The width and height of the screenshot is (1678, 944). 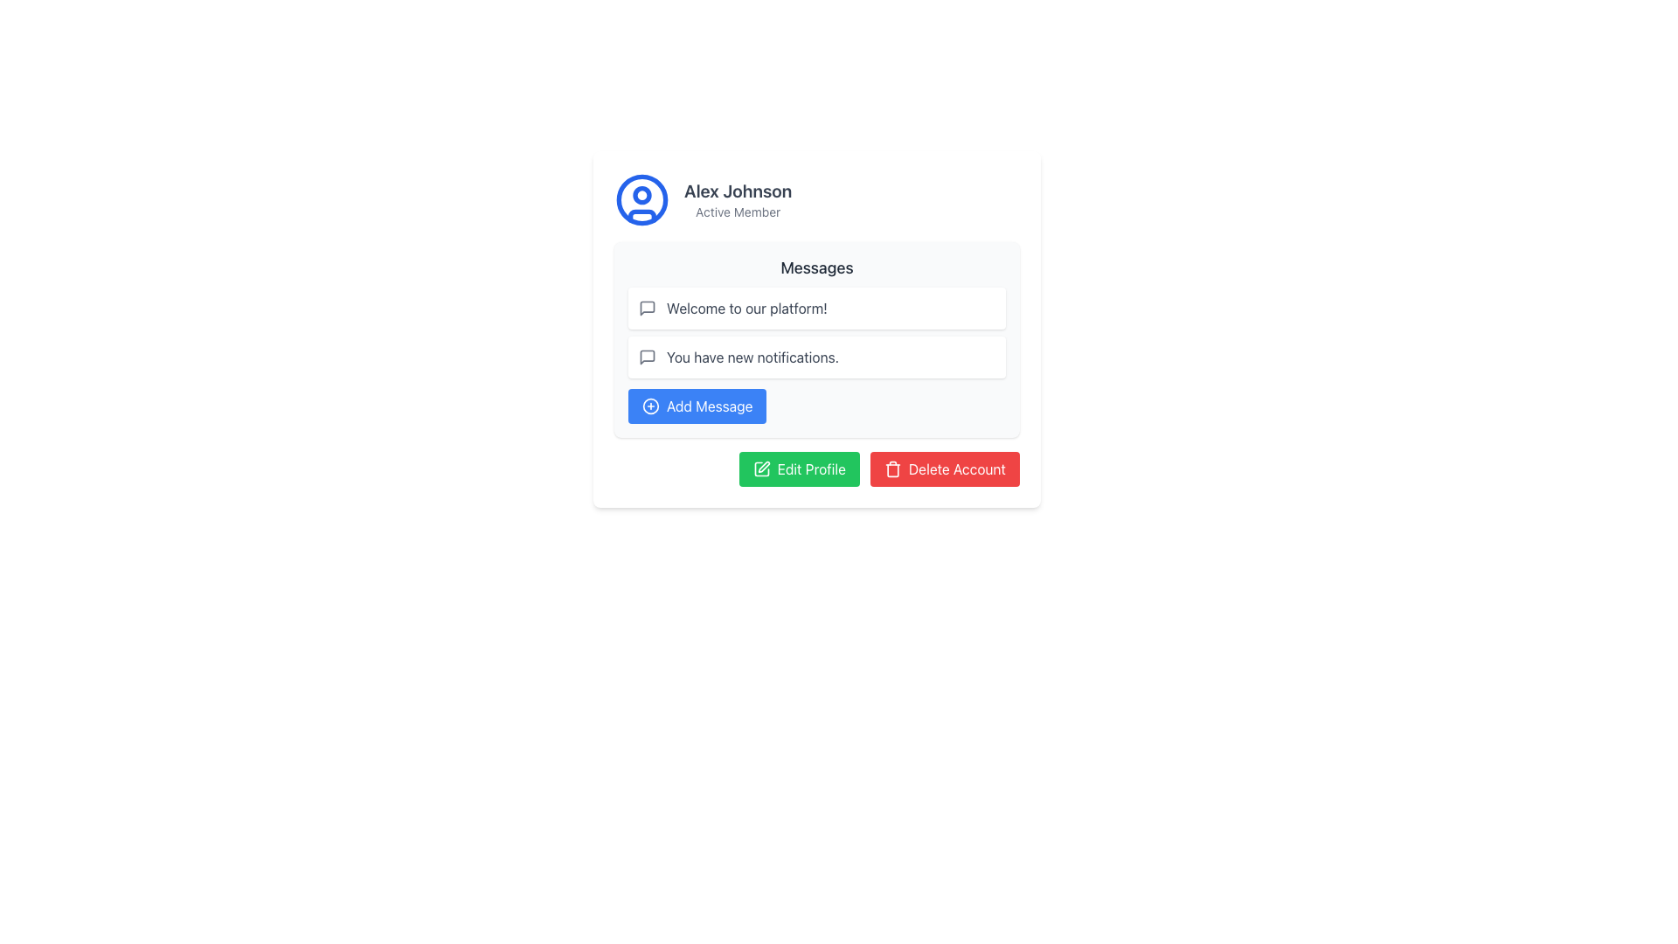 What do you see at coordinates (641, 198) in the screenshot?
I see `outermost SVG graphical circle that serves as a user profile image placeholder for debugging purposes` at bounding box center [641, 198].